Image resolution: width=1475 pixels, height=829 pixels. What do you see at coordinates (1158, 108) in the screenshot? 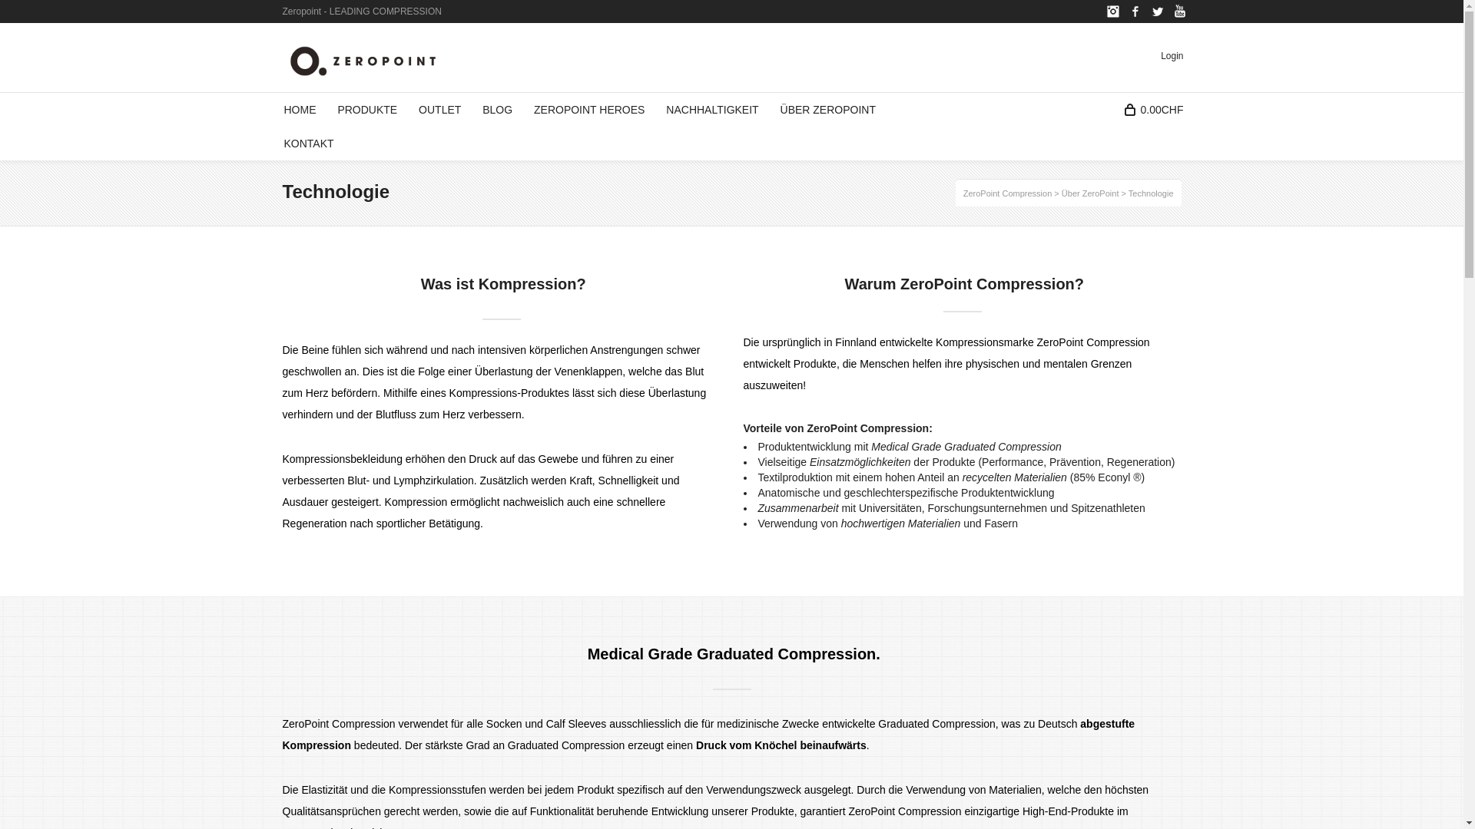
I see `'0.00CHF'` at bounding box center [1158, 108].